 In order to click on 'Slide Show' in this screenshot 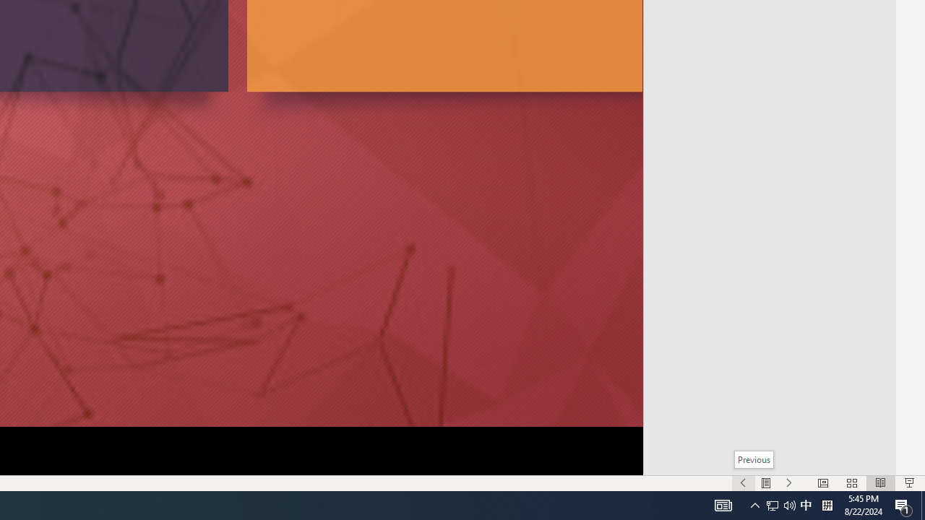, I will do `click(908, 483)`.